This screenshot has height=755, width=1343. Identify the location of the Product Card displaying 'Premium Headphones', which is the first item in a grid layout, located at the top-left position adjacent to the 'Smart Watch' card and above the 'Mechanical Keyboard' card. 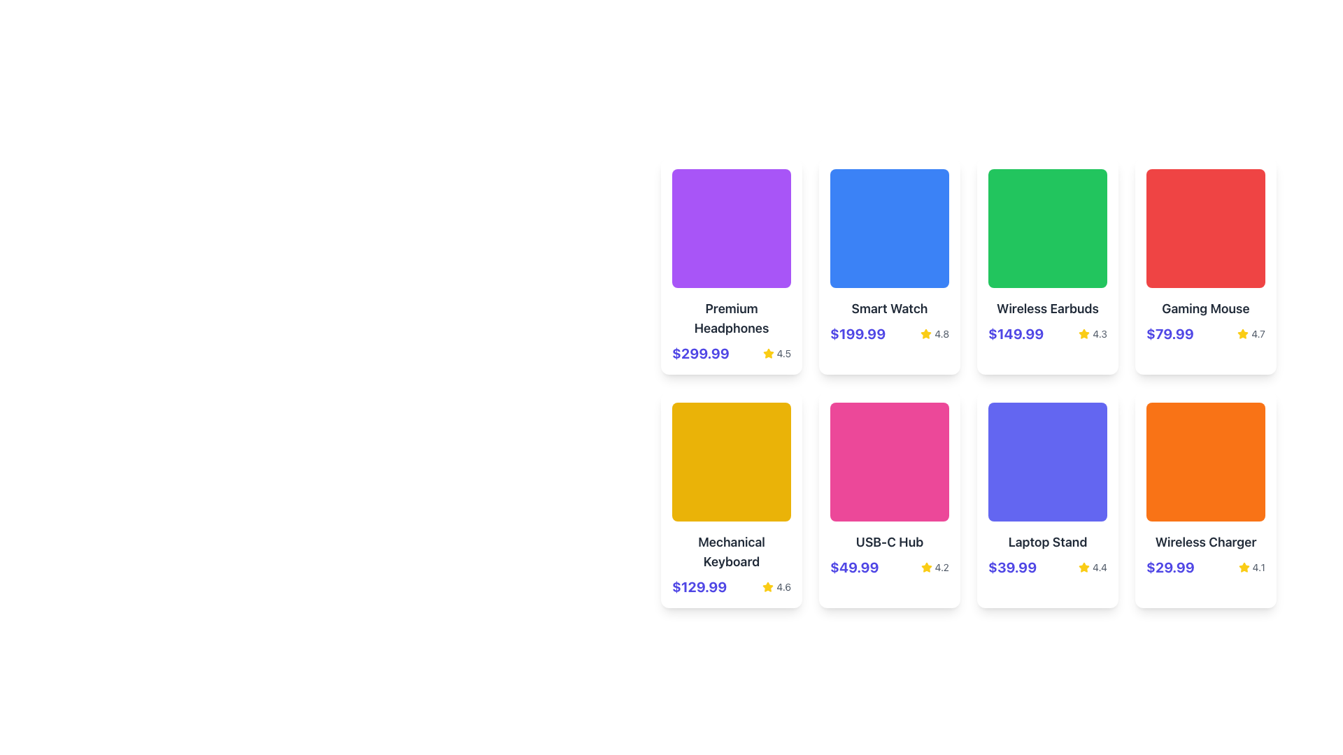
(731, 266).